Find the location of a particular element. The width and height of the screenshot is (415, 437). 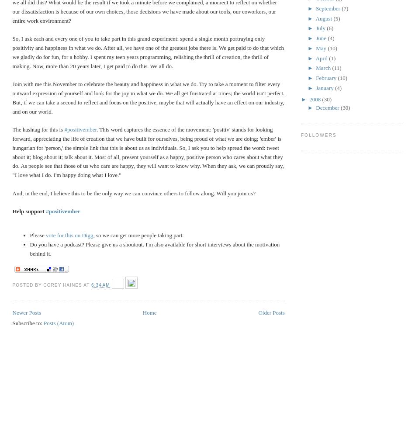

'6:34 AM' is located at coordinates (100, 284).